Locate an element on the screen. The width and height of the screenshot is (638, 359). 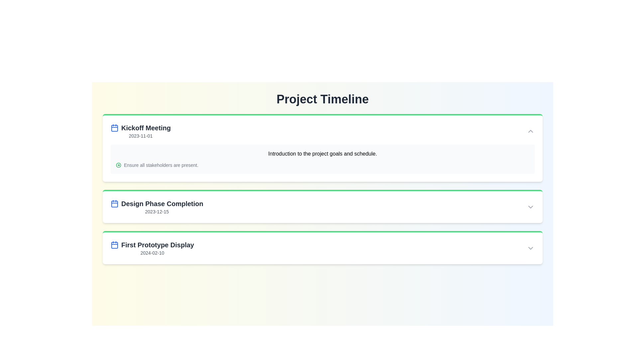
the dropdown toggle button on the far right of the row displaying 'First Prototype Display 2024-02-10' is located at coordinates (530, 248).